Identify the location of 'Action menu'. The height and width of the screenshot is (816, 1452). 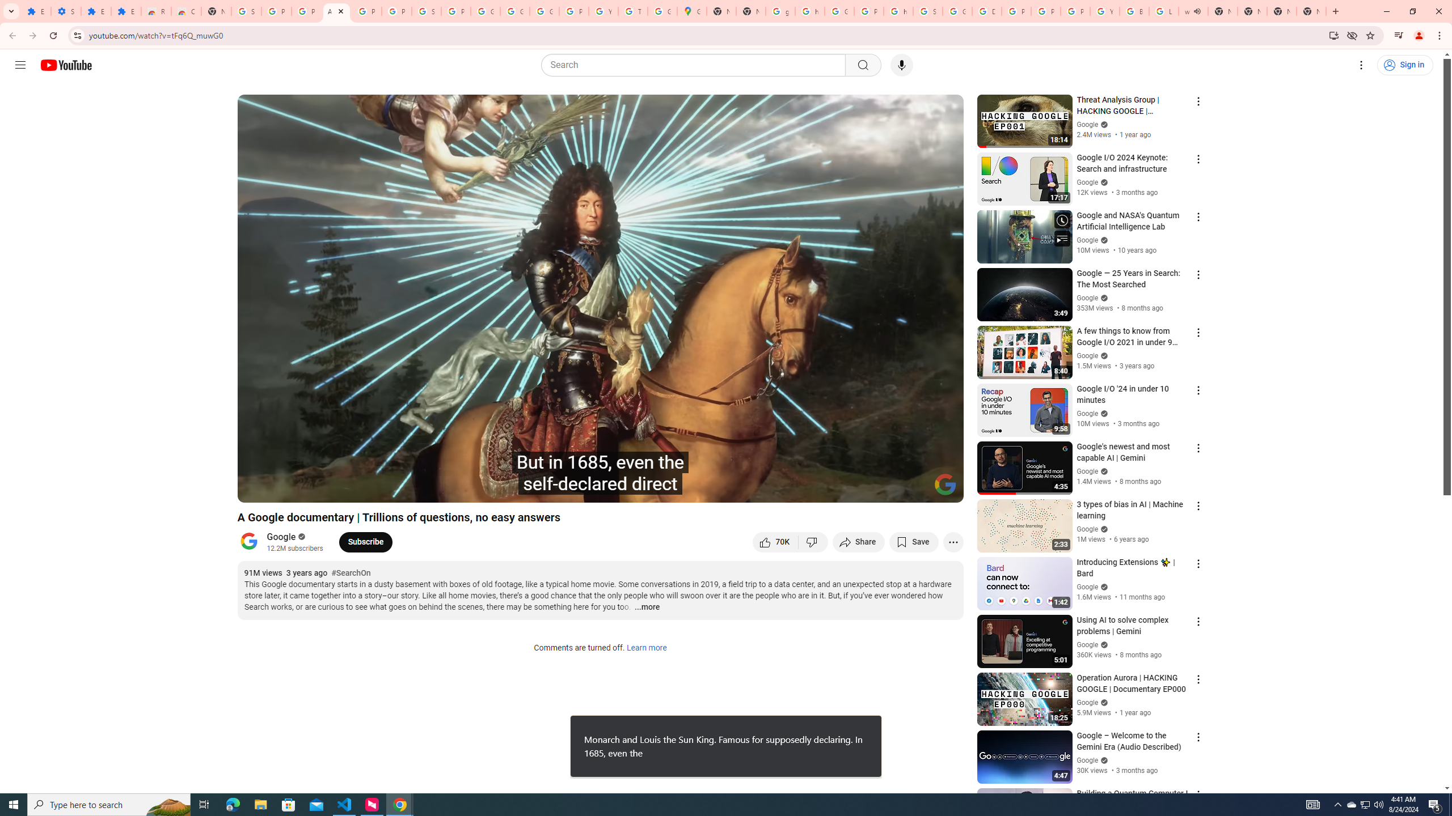
(1197, 794).